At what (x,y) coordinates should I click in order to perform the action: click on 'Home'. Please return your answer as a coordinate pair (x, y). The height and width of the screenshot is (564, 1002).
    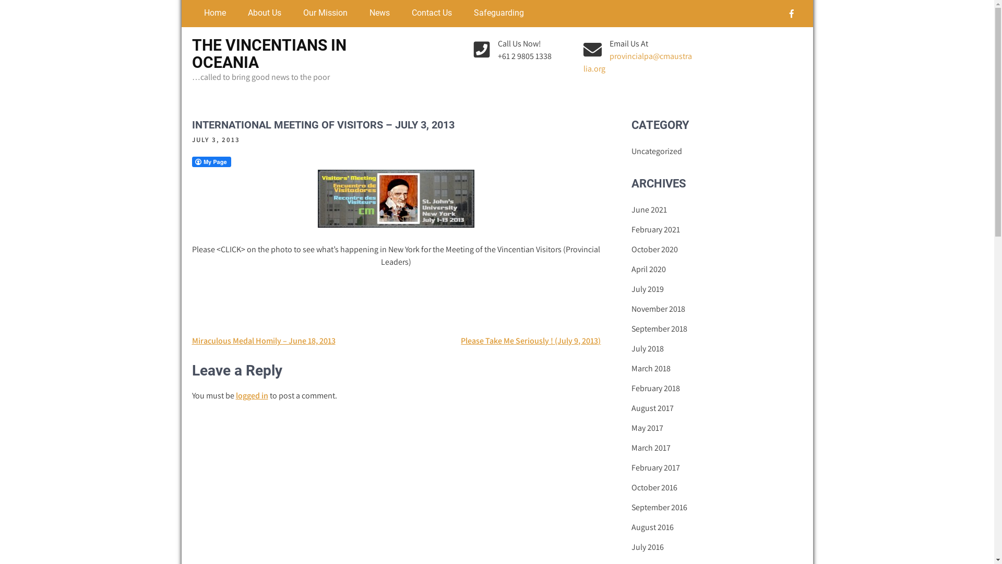
    Looking at the image, I should click on (212, 13).